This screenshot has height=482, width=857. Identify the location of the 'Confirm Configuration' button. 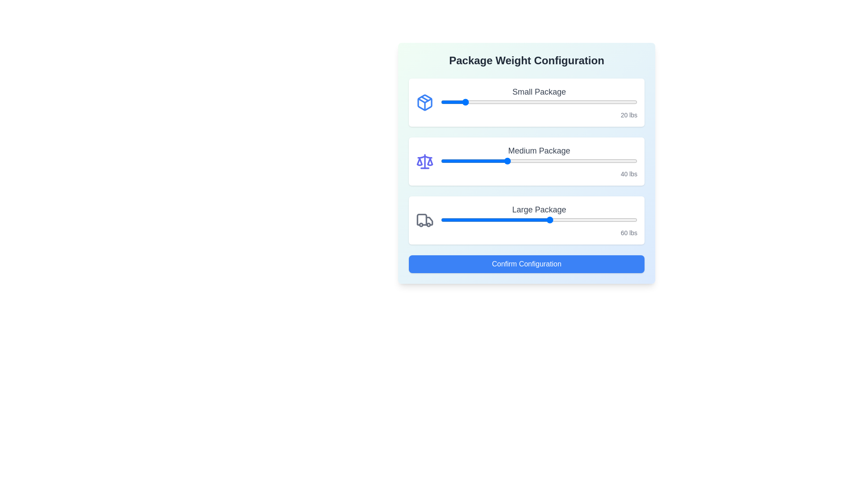
(527, 263).